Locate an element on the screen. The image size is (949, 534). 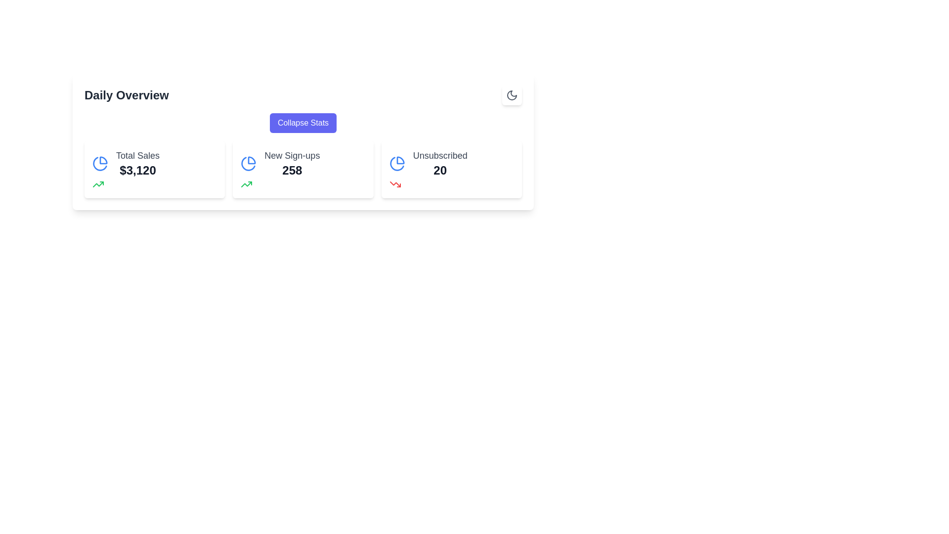
the bold text label displaying the number '20' located below the 'Unsubscribed' label in the rightmost information card of the Daily Overview statistics is located at coordinates (439, 170).